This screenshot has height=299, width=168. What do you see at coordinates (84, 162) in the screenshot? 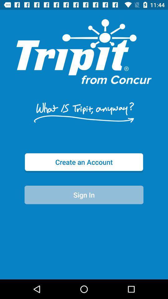
I see `item above the sign in` at bounding box center [84, 162].